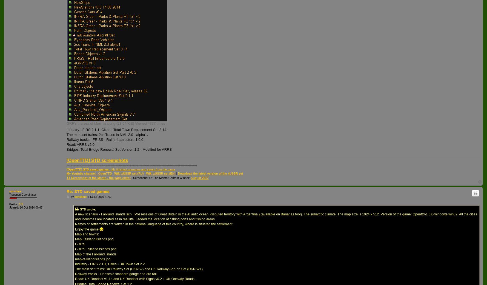 Image resolution: width=487 pixels, height=285 pixels. What do you see at coordinates (110, 264) in the screenshot?
I see `'Industry - FIRS 2.1.1, Cities - UK Town Set 2.2.'` at bounding box center [110, 264].